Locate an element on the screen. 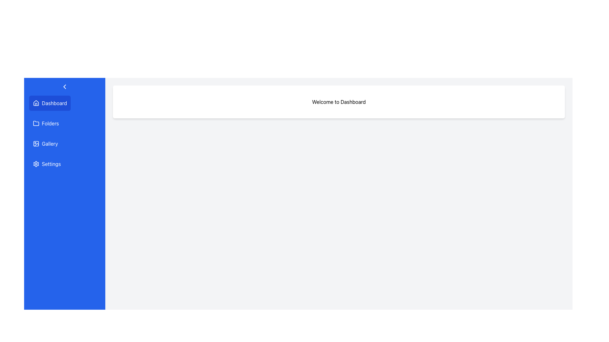  the small triangular arrow-like icon pointing to the right at the top-left of the vertical blue sidebar is located at coordinates (64, 86).